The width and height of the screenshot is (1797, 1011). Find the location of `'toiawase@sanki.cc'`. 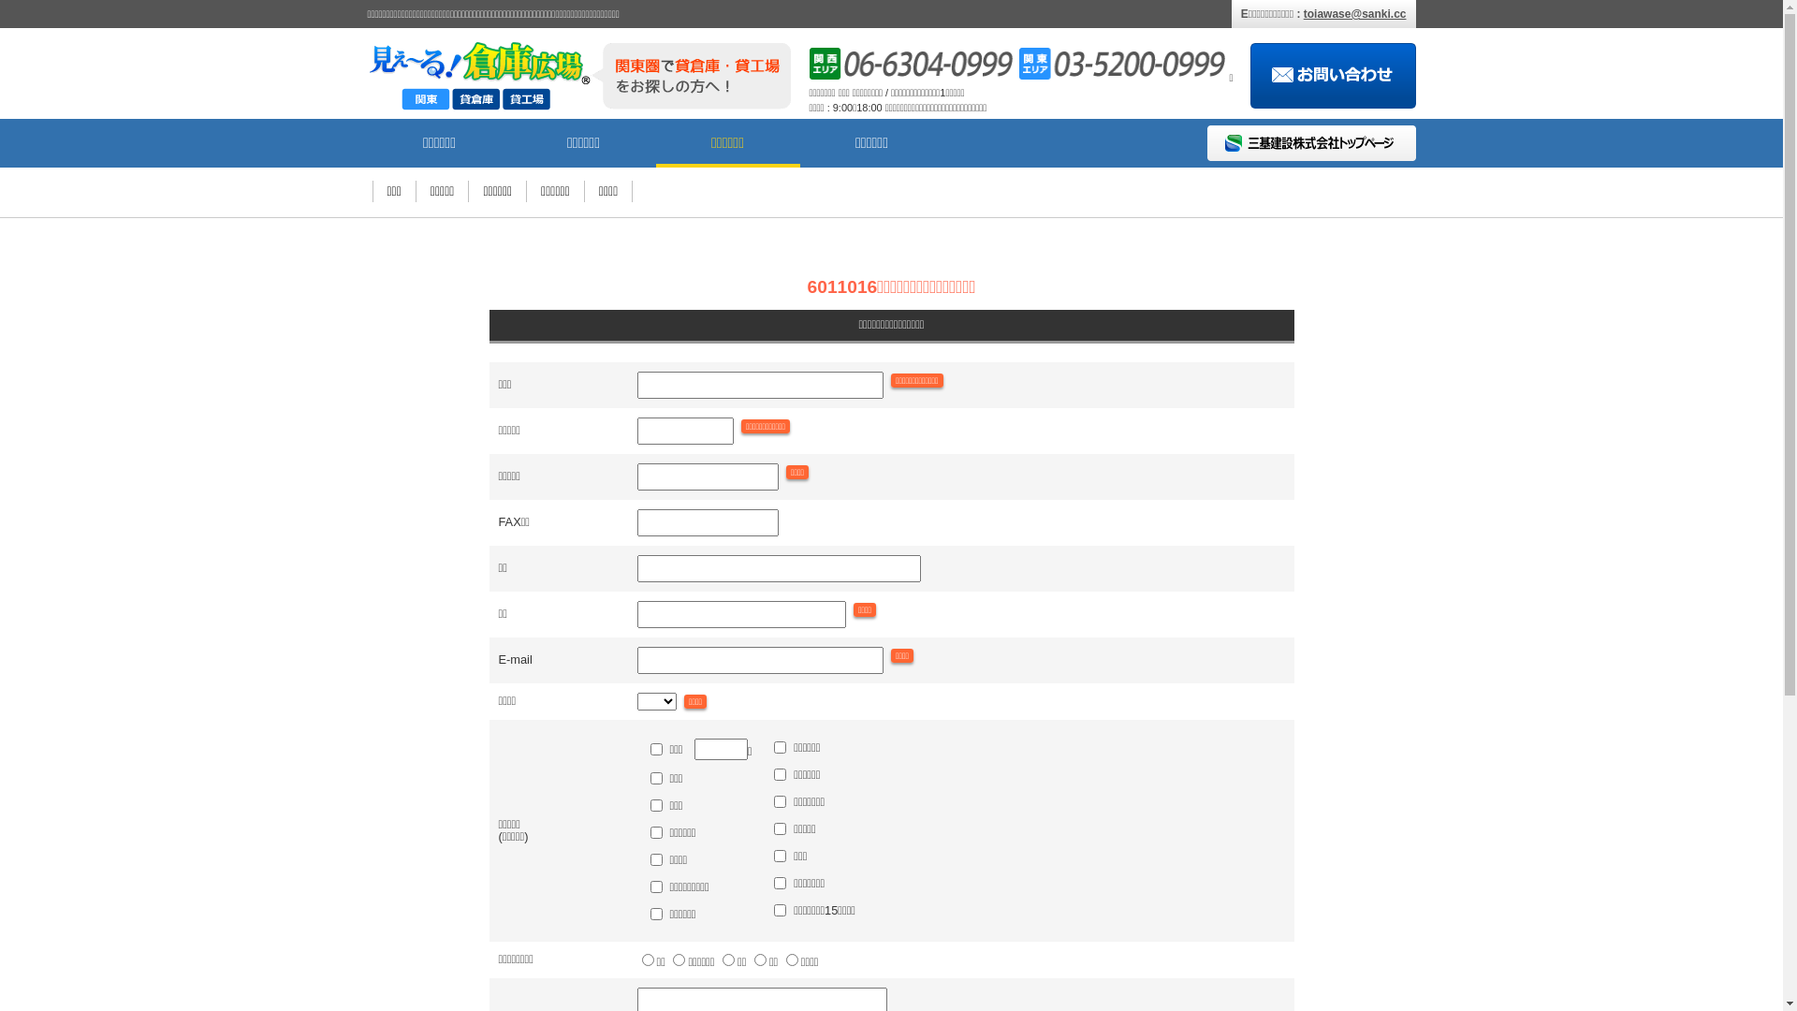

'toiawase@sanki.cc' is located at coordinates (1355, 14).